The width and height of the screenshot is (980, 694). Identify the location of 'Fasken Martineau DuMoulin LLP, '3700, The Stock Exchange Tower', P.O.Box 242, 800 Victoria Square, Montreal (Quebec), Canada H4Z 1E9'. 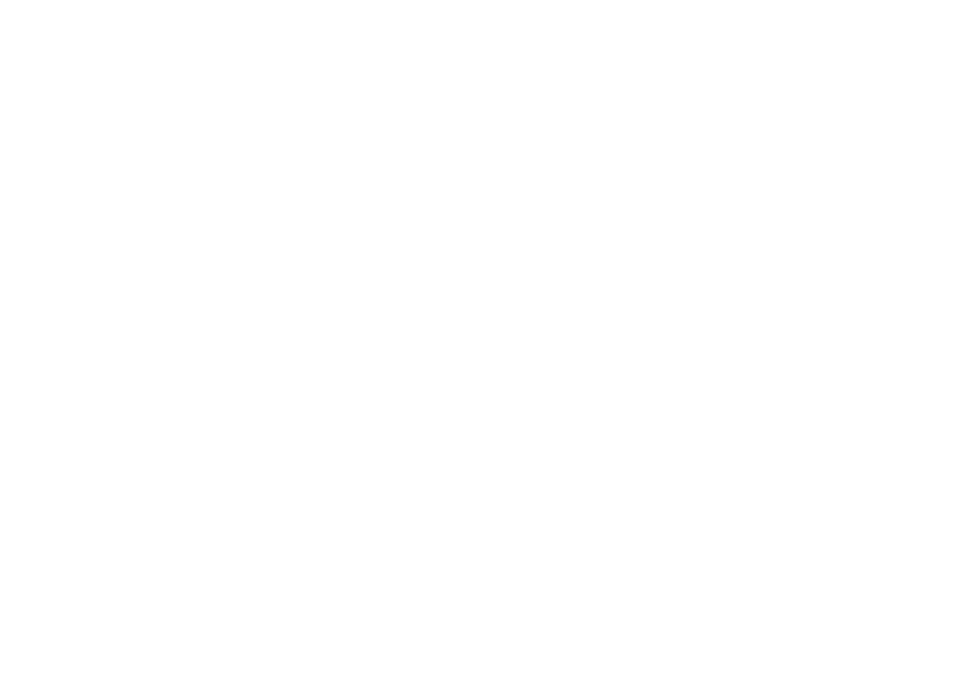
(497, 222).